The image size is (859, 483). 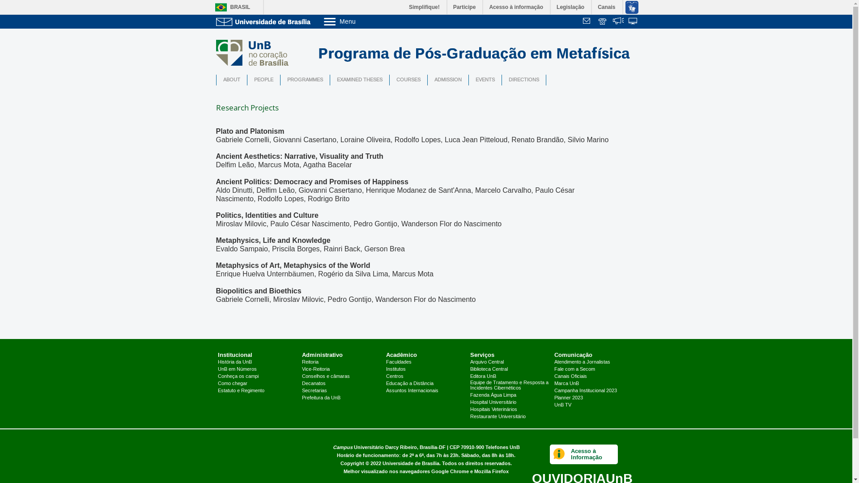 What do you see at coordinates (566, 383) in the screenshot?
I see `'Marca UnB'` at bounding box center [566, 383].